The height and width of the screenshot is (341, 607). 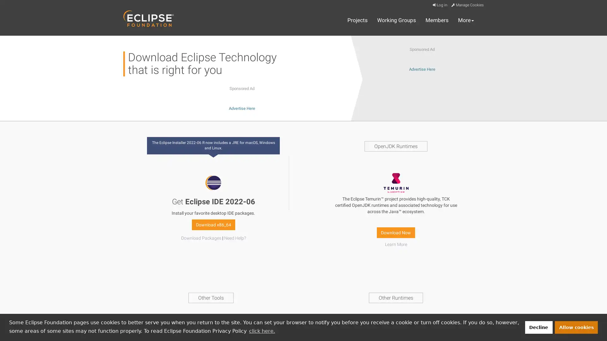 What do you see at coordinates (576, 327) in the screenshot?
I see `allow cookies` at bounding box center [576, 327].